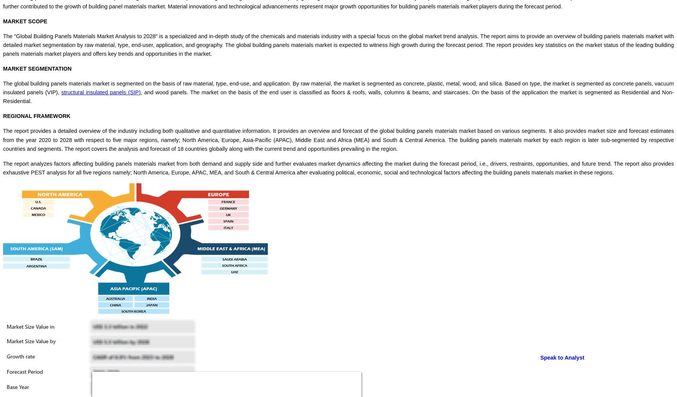 This screenshot has height=397, width=677. What do you see at coordinates (23, 283) in the screenshot?
I see `'Blog'` at bounding box center [23, 283].